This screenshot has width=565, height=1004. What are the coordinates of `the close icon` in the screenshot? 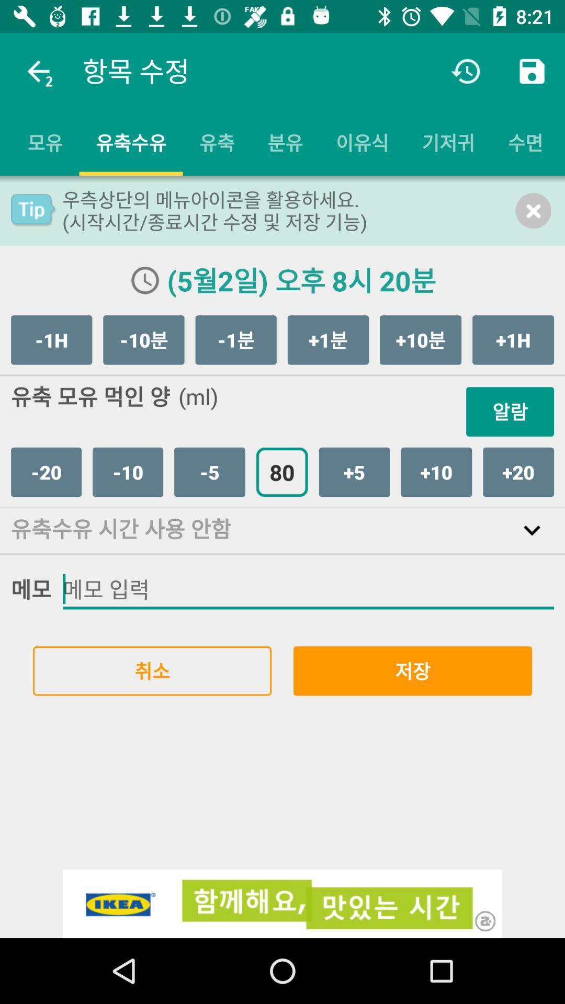 It's located at (533, 210).